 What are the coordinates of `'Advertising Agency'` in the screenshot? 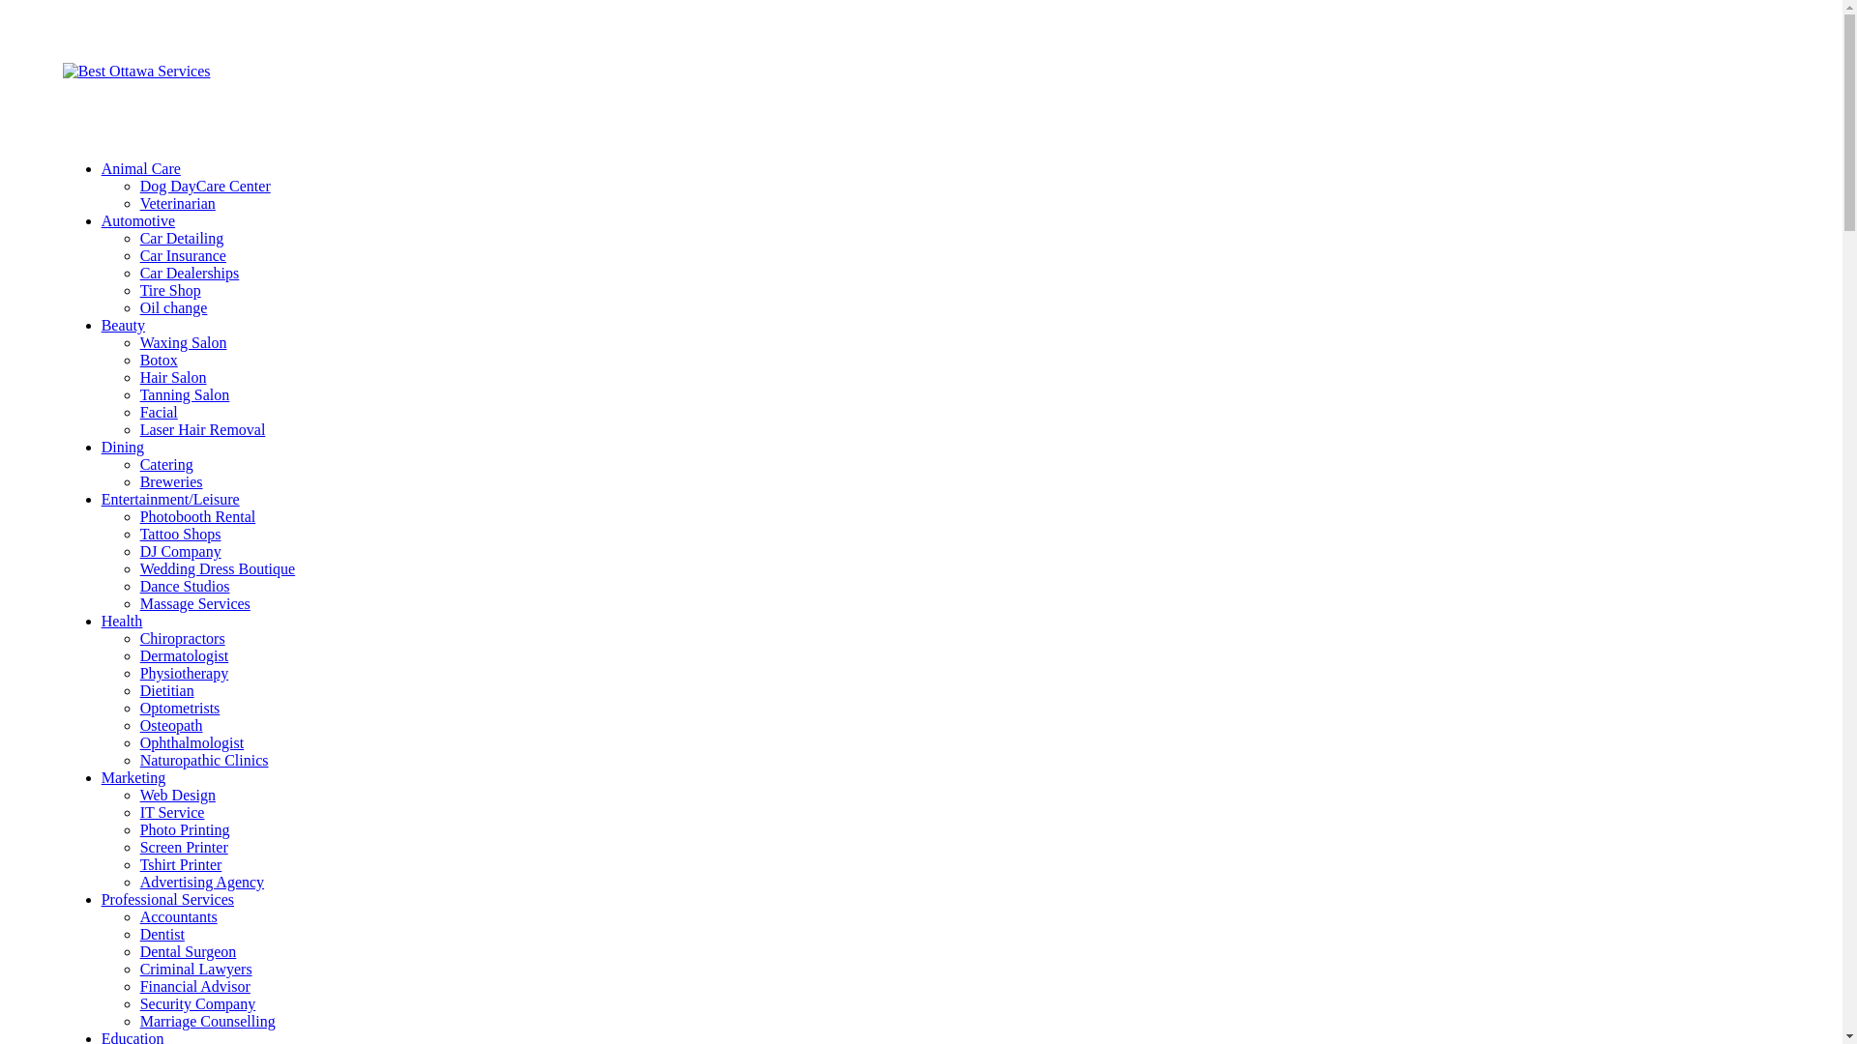 It's located at (138, 882).